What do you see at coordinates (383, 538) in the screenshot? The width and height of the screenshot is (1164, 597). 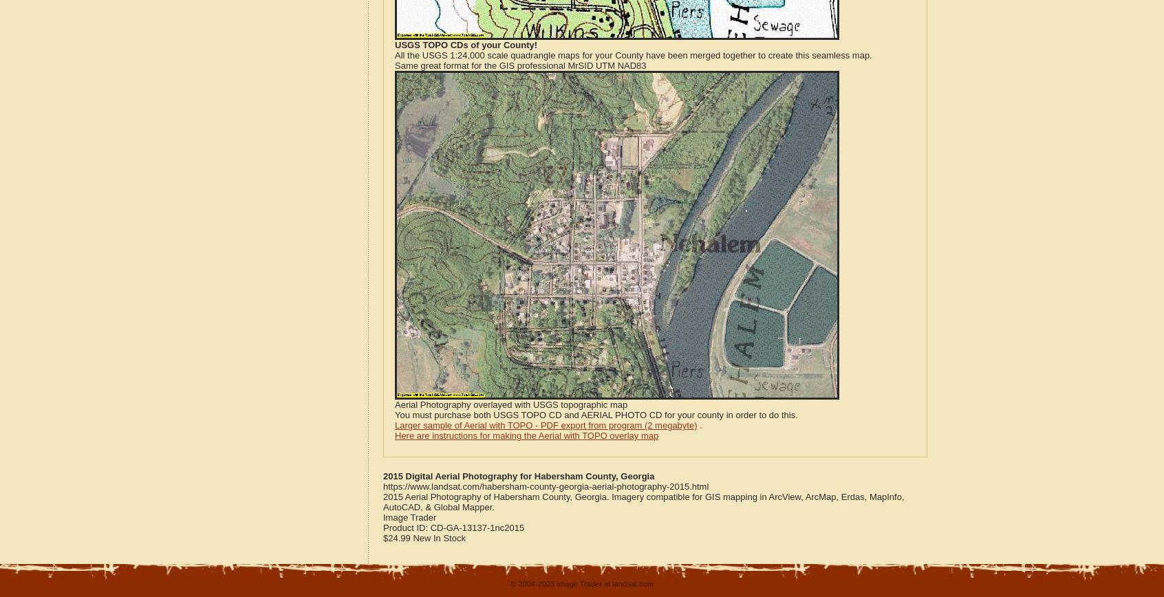 I see `'$24.99'` at bounding box center [383, 538].